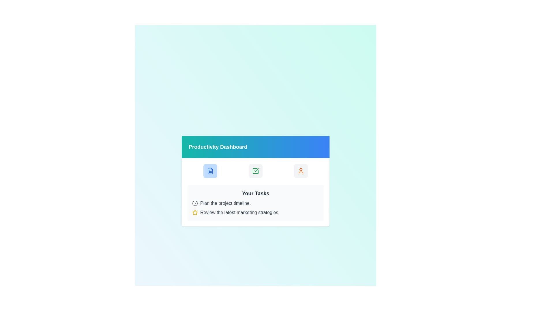 The height and width of the screenshot is (312, 554). Describe the element at coordinates (210, 170) in the screenshot. I see `the leftmost icon in the series of three icons located in the middle section of the 'Productivity Dashboard'` at that location.